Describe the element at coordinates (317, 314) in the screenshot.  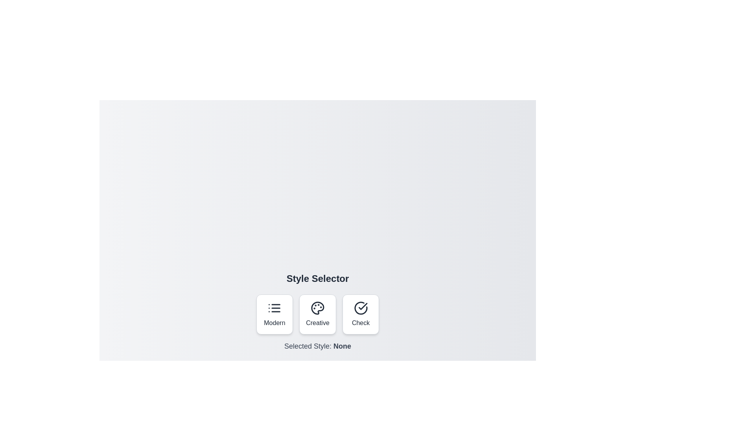
I see `the style button labeled Creative` at that location.